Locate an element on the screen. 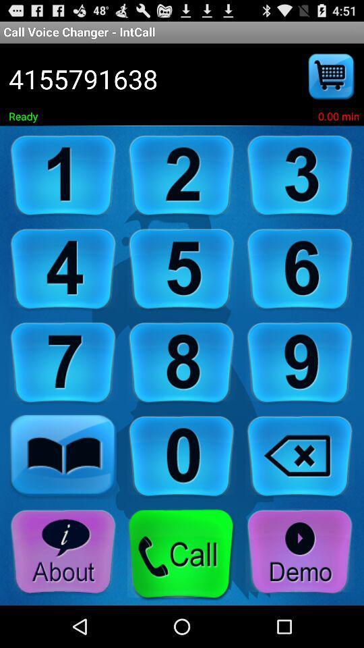 Image resolution: width=364 pixels, height=648 pixels. error option is located at coordinates (300, 457).